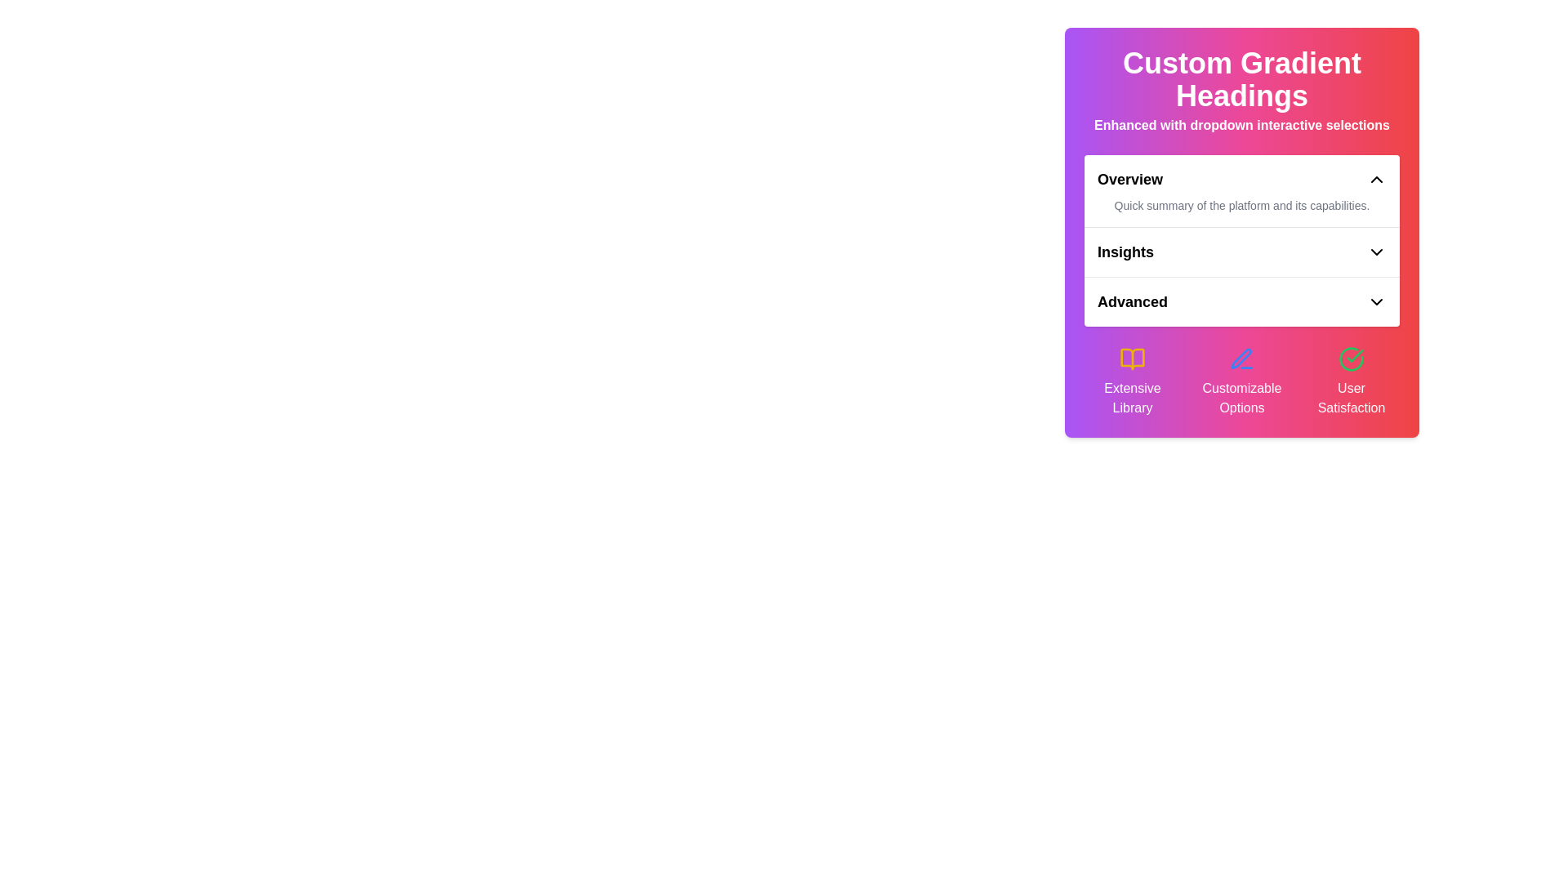 The width and height of the screenshot is (1568, 882). Describe the element at coordinates (1375, 179) in the screenshot. I see `the small upward-pointing chevron icon located to the right of the 'Overview' label in the UI` at that location.